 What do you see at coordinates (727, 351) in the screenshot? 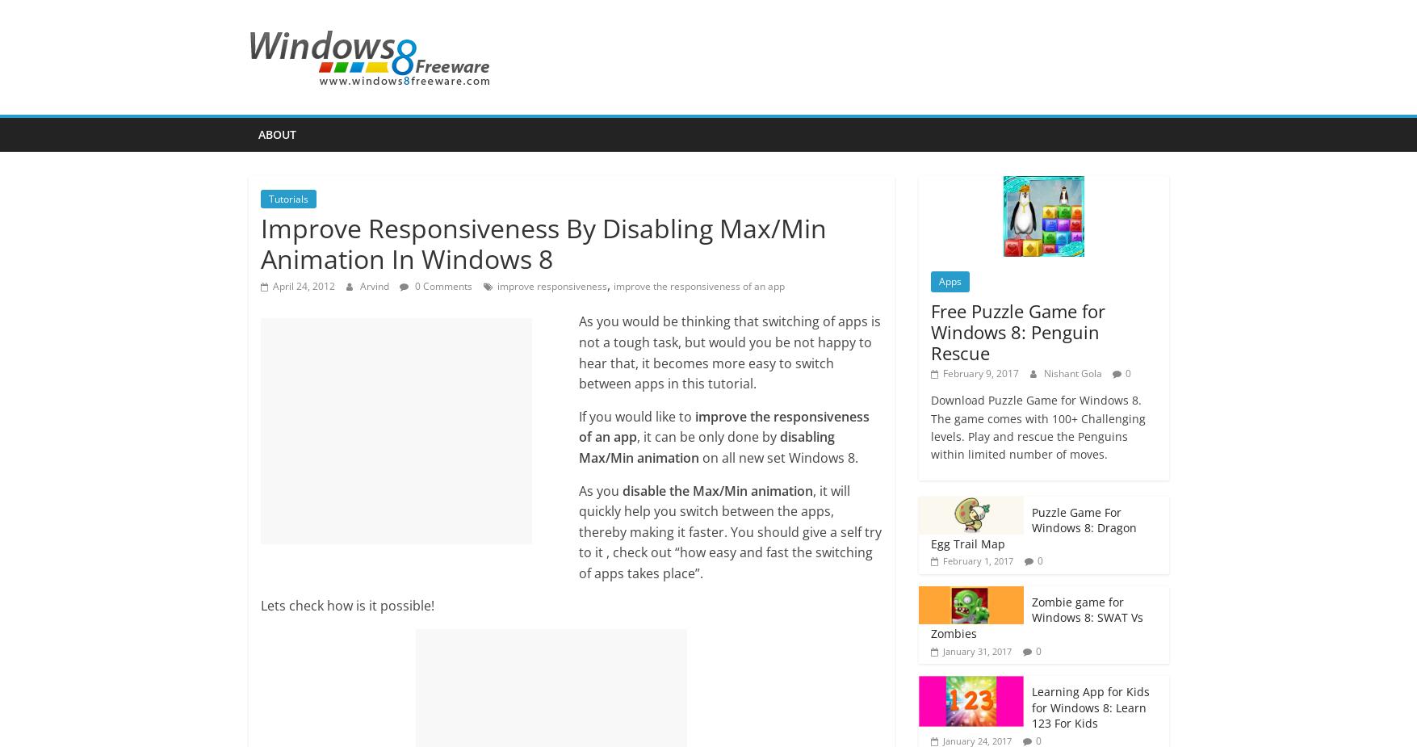
I see `'As you would be thinking that switching of apps is not a tough task, but would you be not happy to hear that, it becomes more easy to switch between apps in this tutorial.'` at bounding box center [727, 351].